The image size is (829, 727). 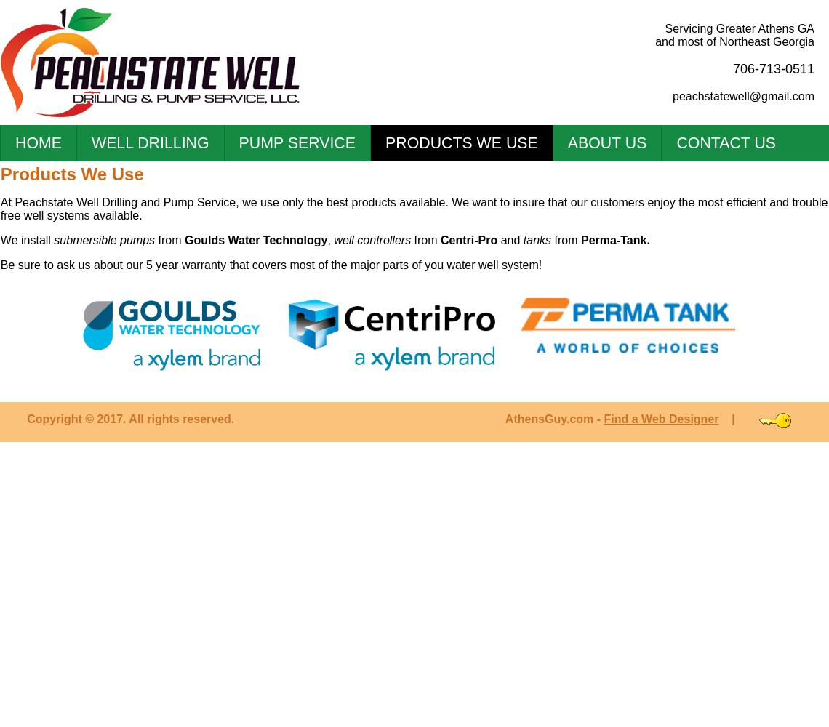 What do you see at coordinates (255, 239) in the screenshot?
I see `'Goulds Water Technology'` at bounding box center [255, 239].